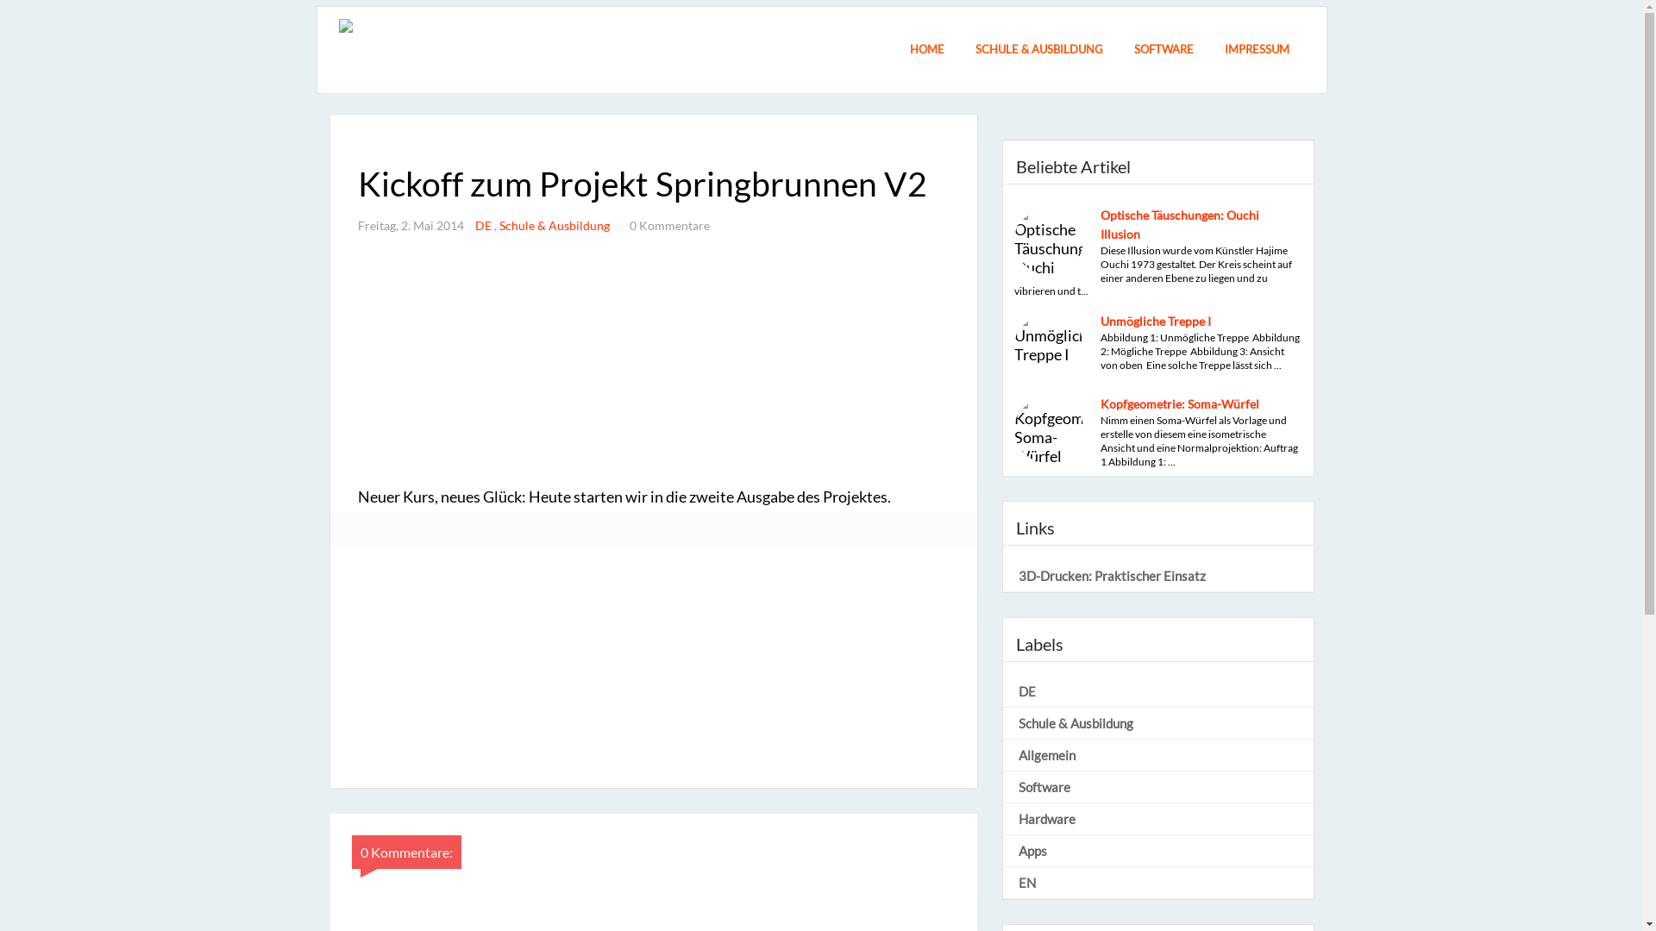  Describe the element at coordinates (1038, 52) in the screenshot. I see `'SCHULE & AUSBILDUNG'` at that location.